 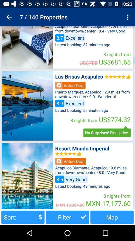 What do you see at coordinates (112, 217) in the screenshot?
I see `map button` at bounding box center [112, 217].